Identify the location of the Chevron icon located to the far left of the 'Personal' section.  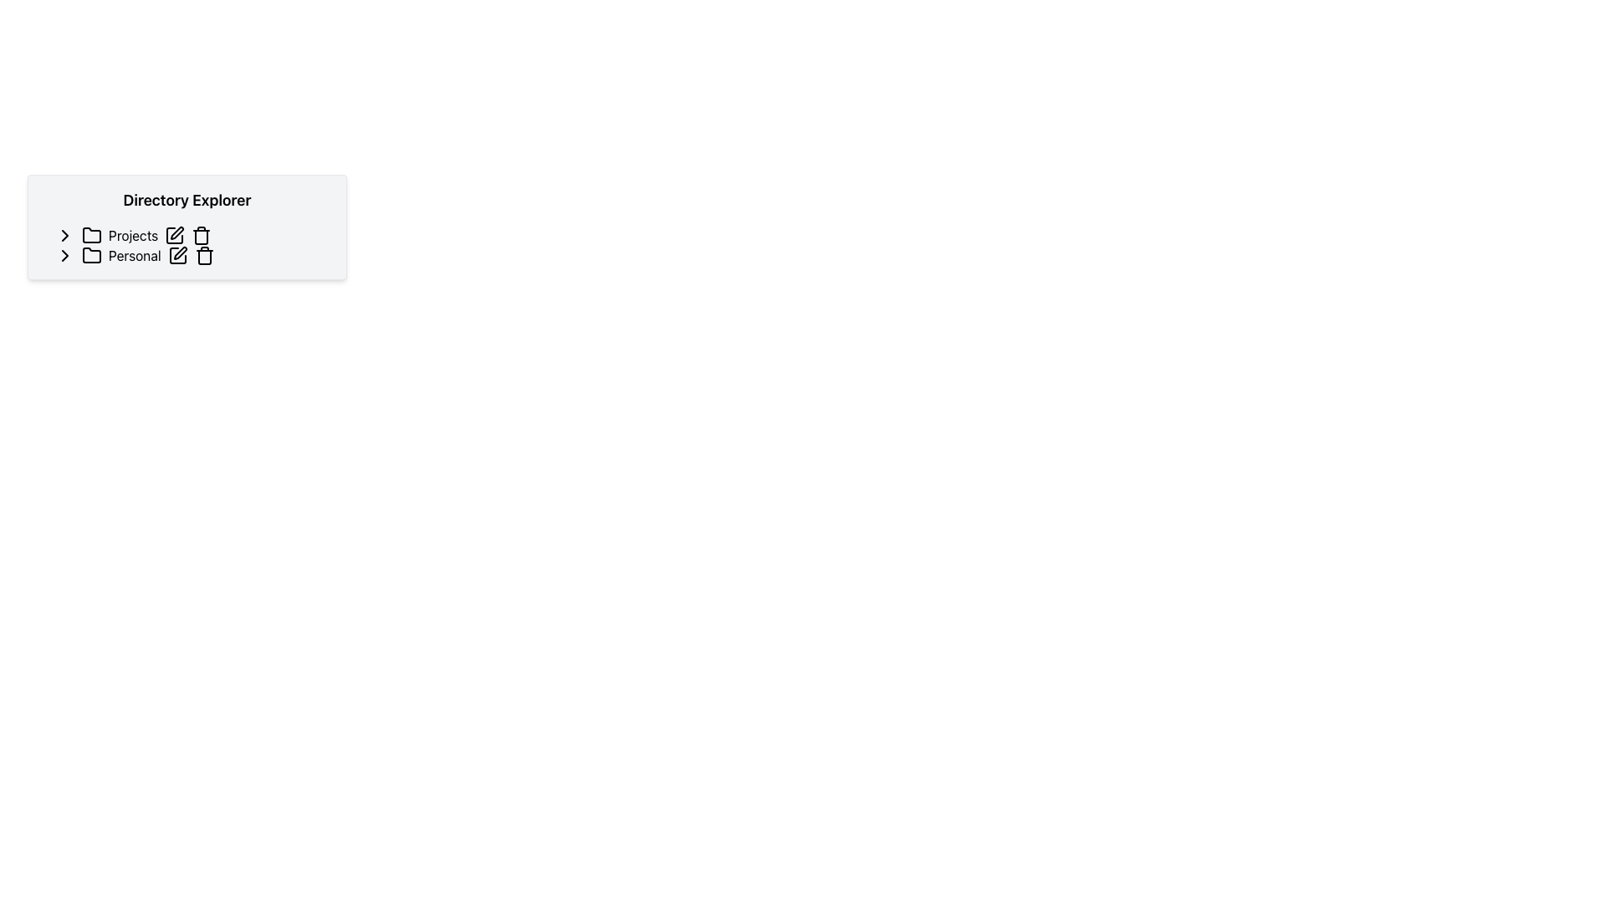
(64, 255).